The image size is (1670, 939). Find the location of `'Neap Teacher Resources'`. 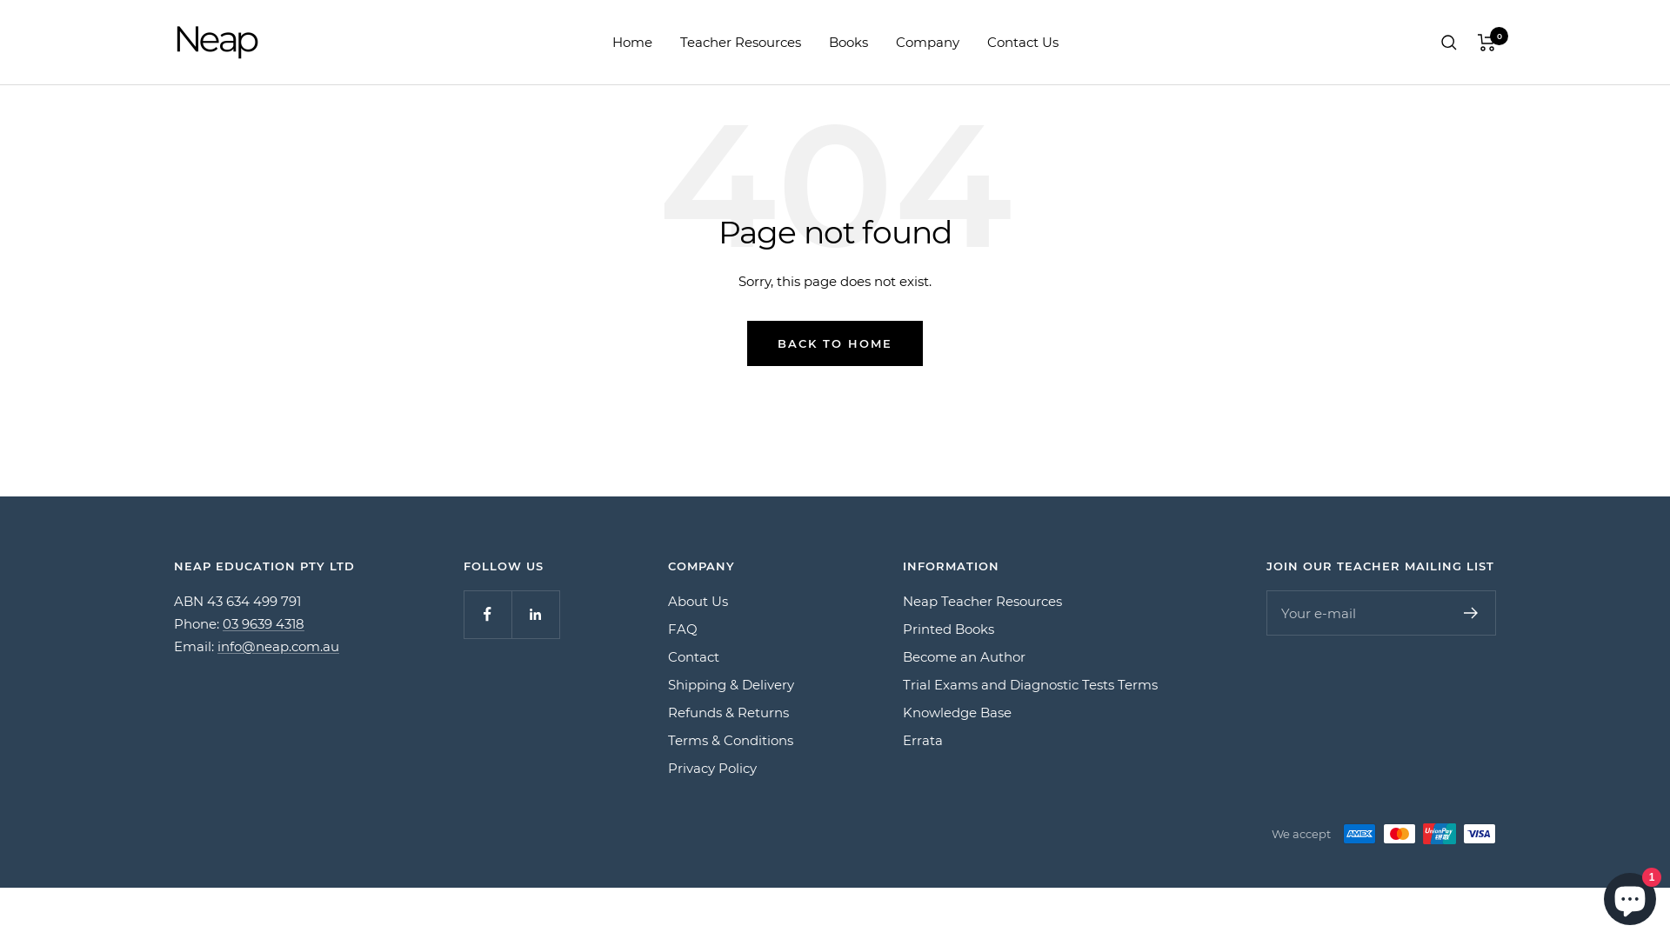

'Neap Teacher Resources' is located at coordinates (982, 600).